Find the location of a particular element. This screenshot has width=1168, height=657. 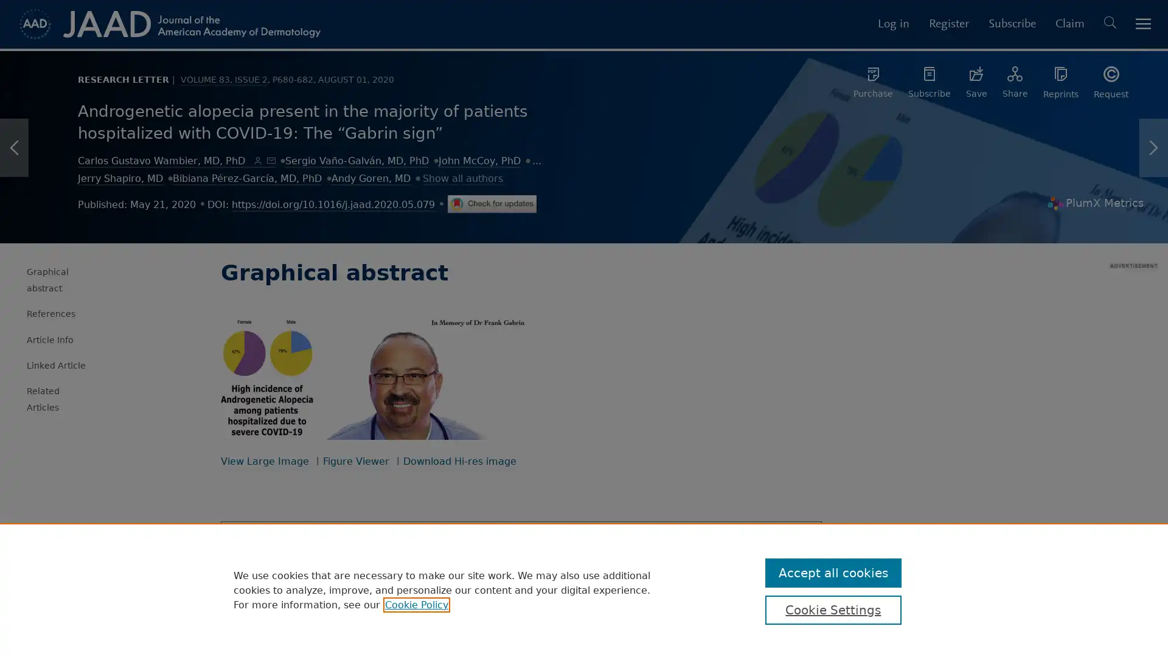

Cookie Settings is located at coordinates (832, 610).